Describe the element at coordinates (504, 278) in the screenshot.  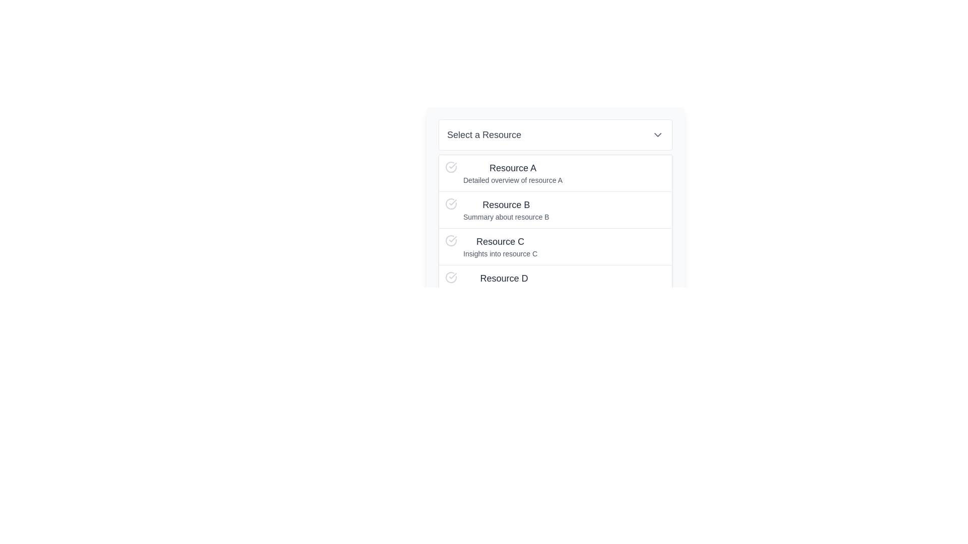
I see `the non-interactive text label that serves as the title for a resource item in the dropdown component titled 'Select a Resource.'` at that location.